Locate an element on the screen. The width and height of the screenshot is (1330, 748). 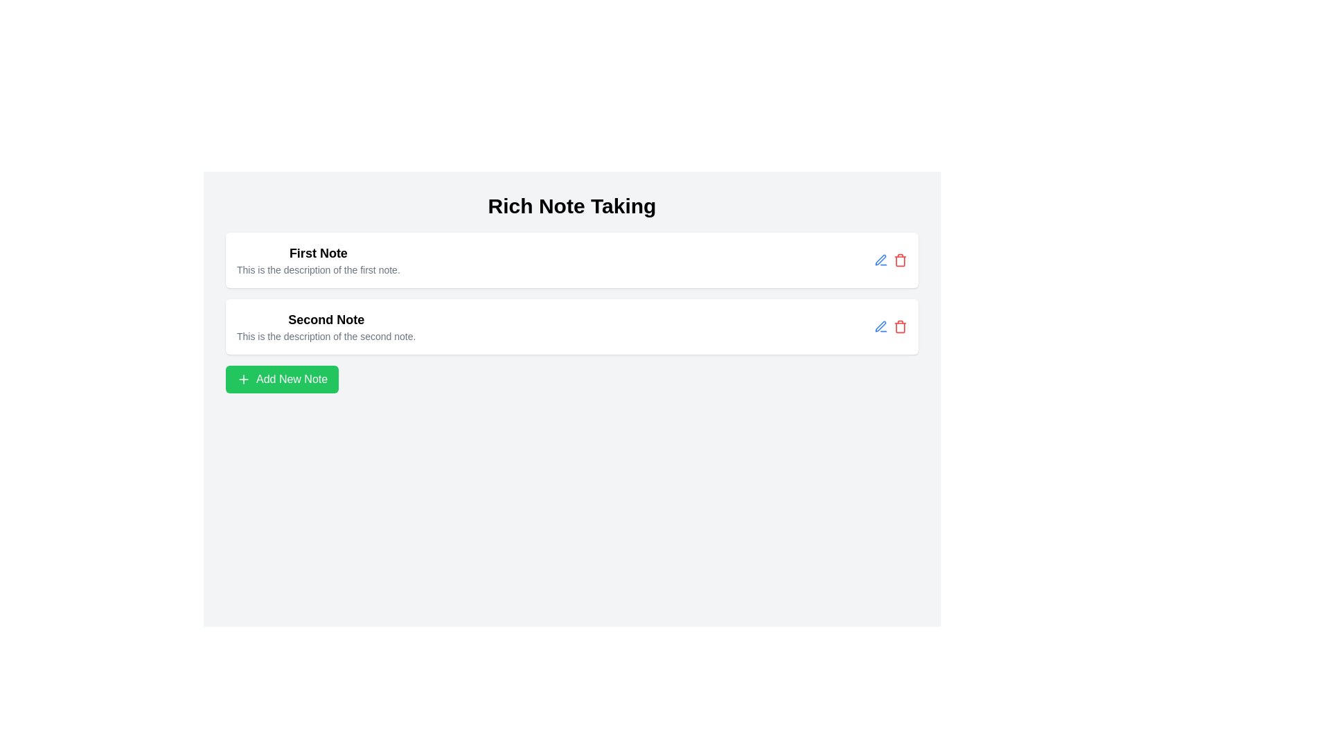
the first Text block that conveys information about a note, located above the 'Second Note' element is located at coordinates (317, 260).